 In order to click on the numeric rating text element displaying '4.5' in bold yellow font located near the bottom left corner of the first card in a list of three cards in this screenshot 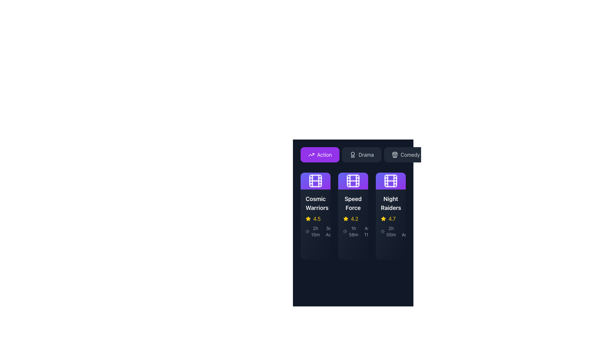, I will do `click(317, 218)`.